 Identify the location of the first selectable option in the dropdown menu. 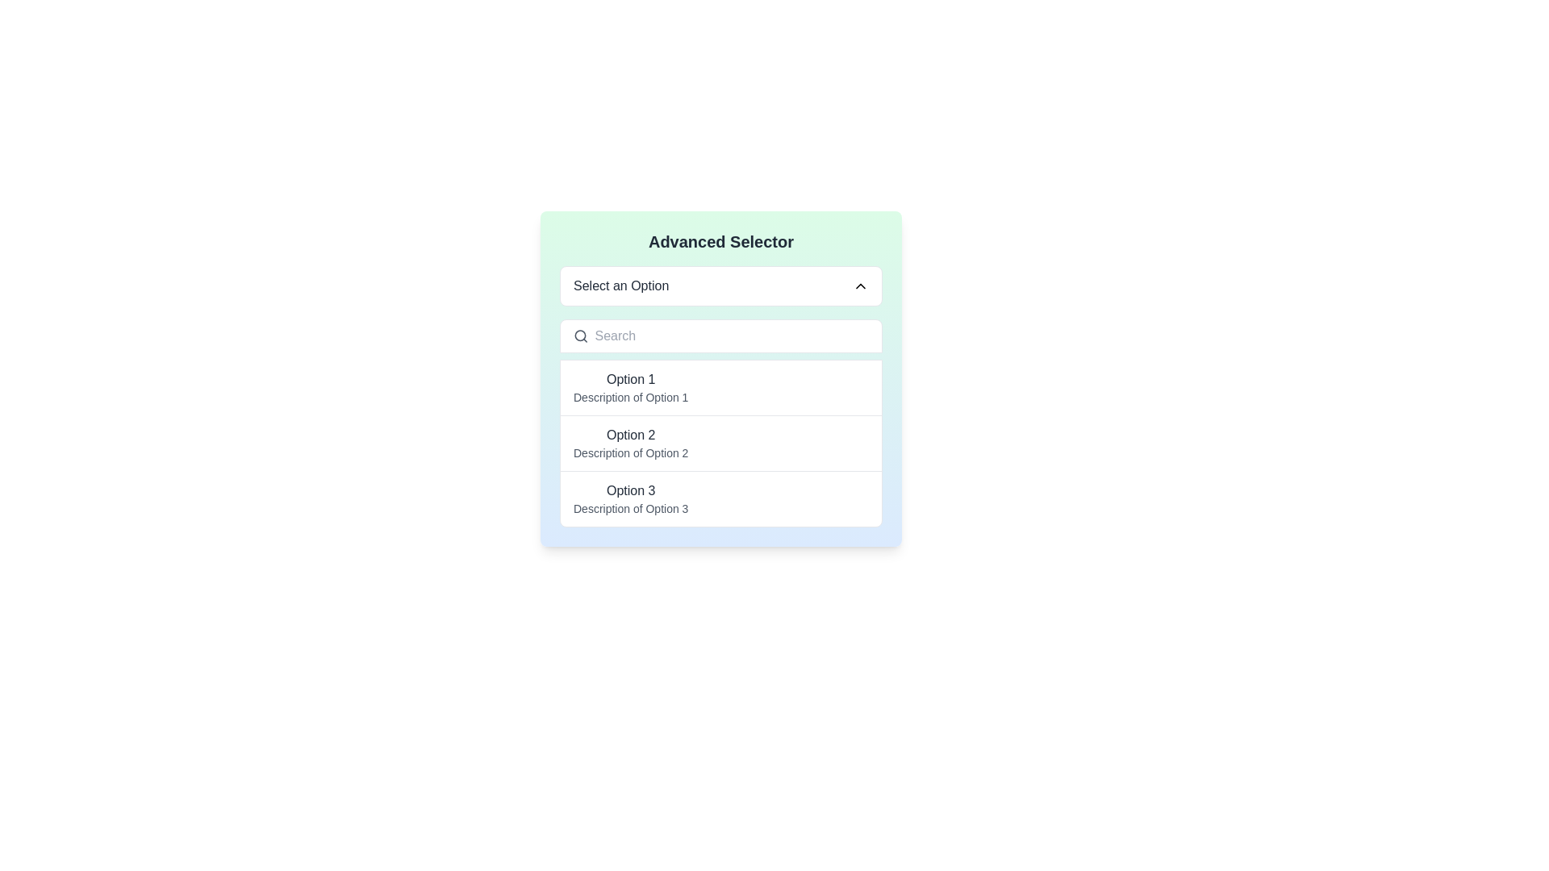
(720, 388).